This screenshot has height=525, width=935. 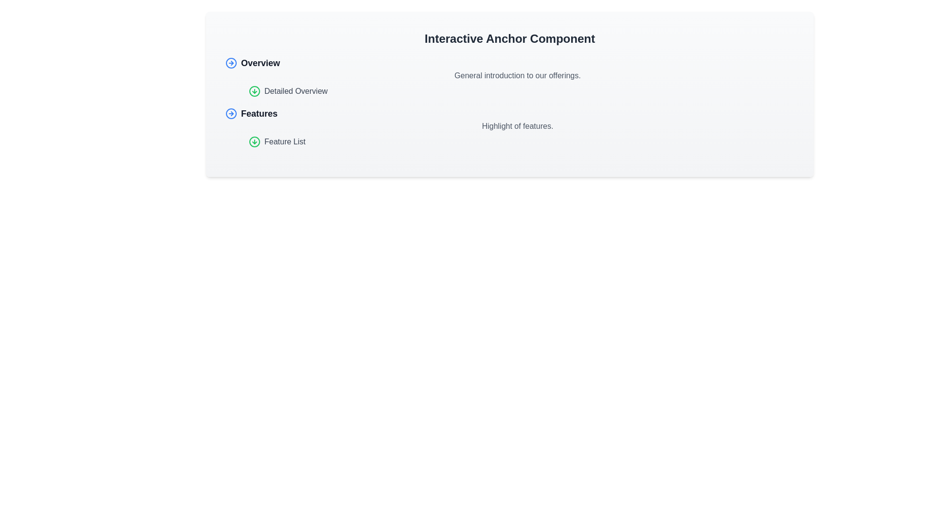 What do you see at coordinates (255, 142) in the screenshot?
I see `the circular vector graphic element located on the right side of the second entry in the vertical list of feature items, which is part of a graphic icon next to the 'Feature List' text` at bounding box center [255, 142].